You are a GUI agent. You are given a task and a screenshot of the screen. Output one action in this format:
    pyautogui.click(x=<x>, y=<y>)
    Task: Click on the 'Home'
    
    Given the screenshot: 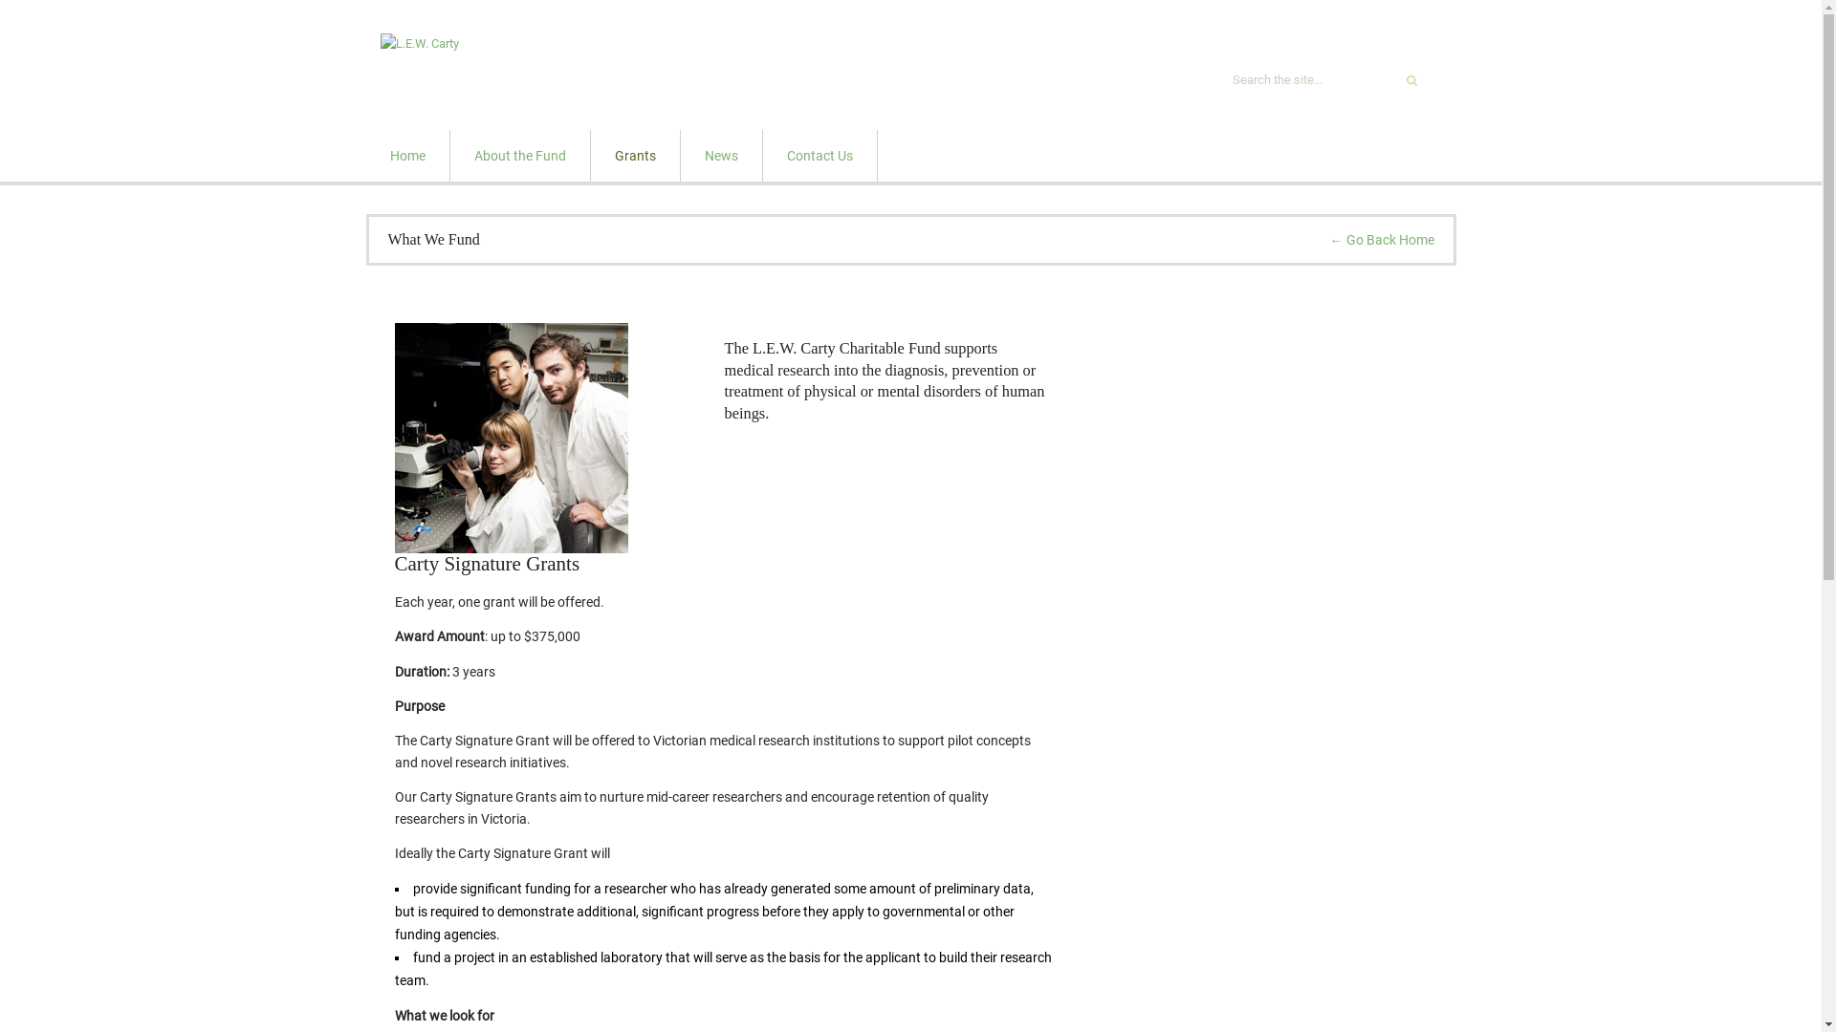 What is the action you would take?
    pyautogui.click(x=406, y=154)
    